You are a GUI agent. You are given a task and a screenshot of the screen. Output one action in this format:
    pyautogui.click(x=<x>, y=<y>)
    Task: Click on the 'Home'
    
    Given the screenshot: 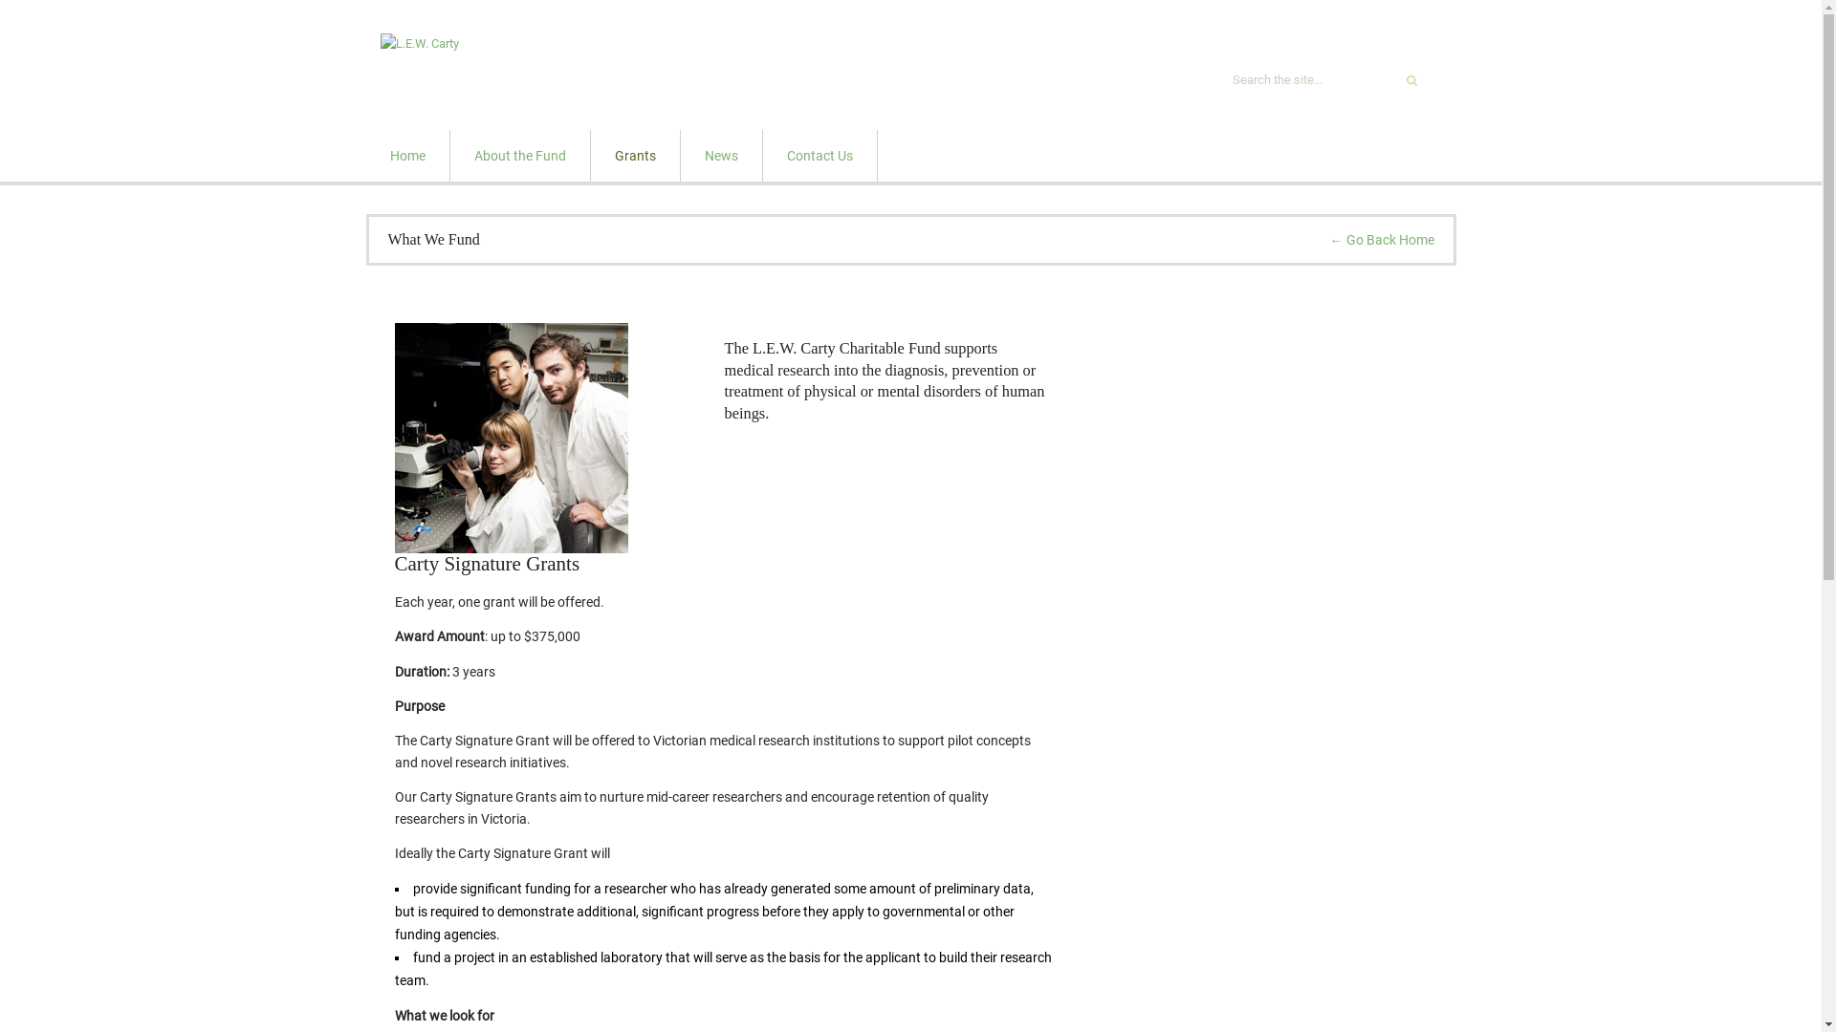 What is the action you would take?
    pyautogui.click(x=406, y=154)
    